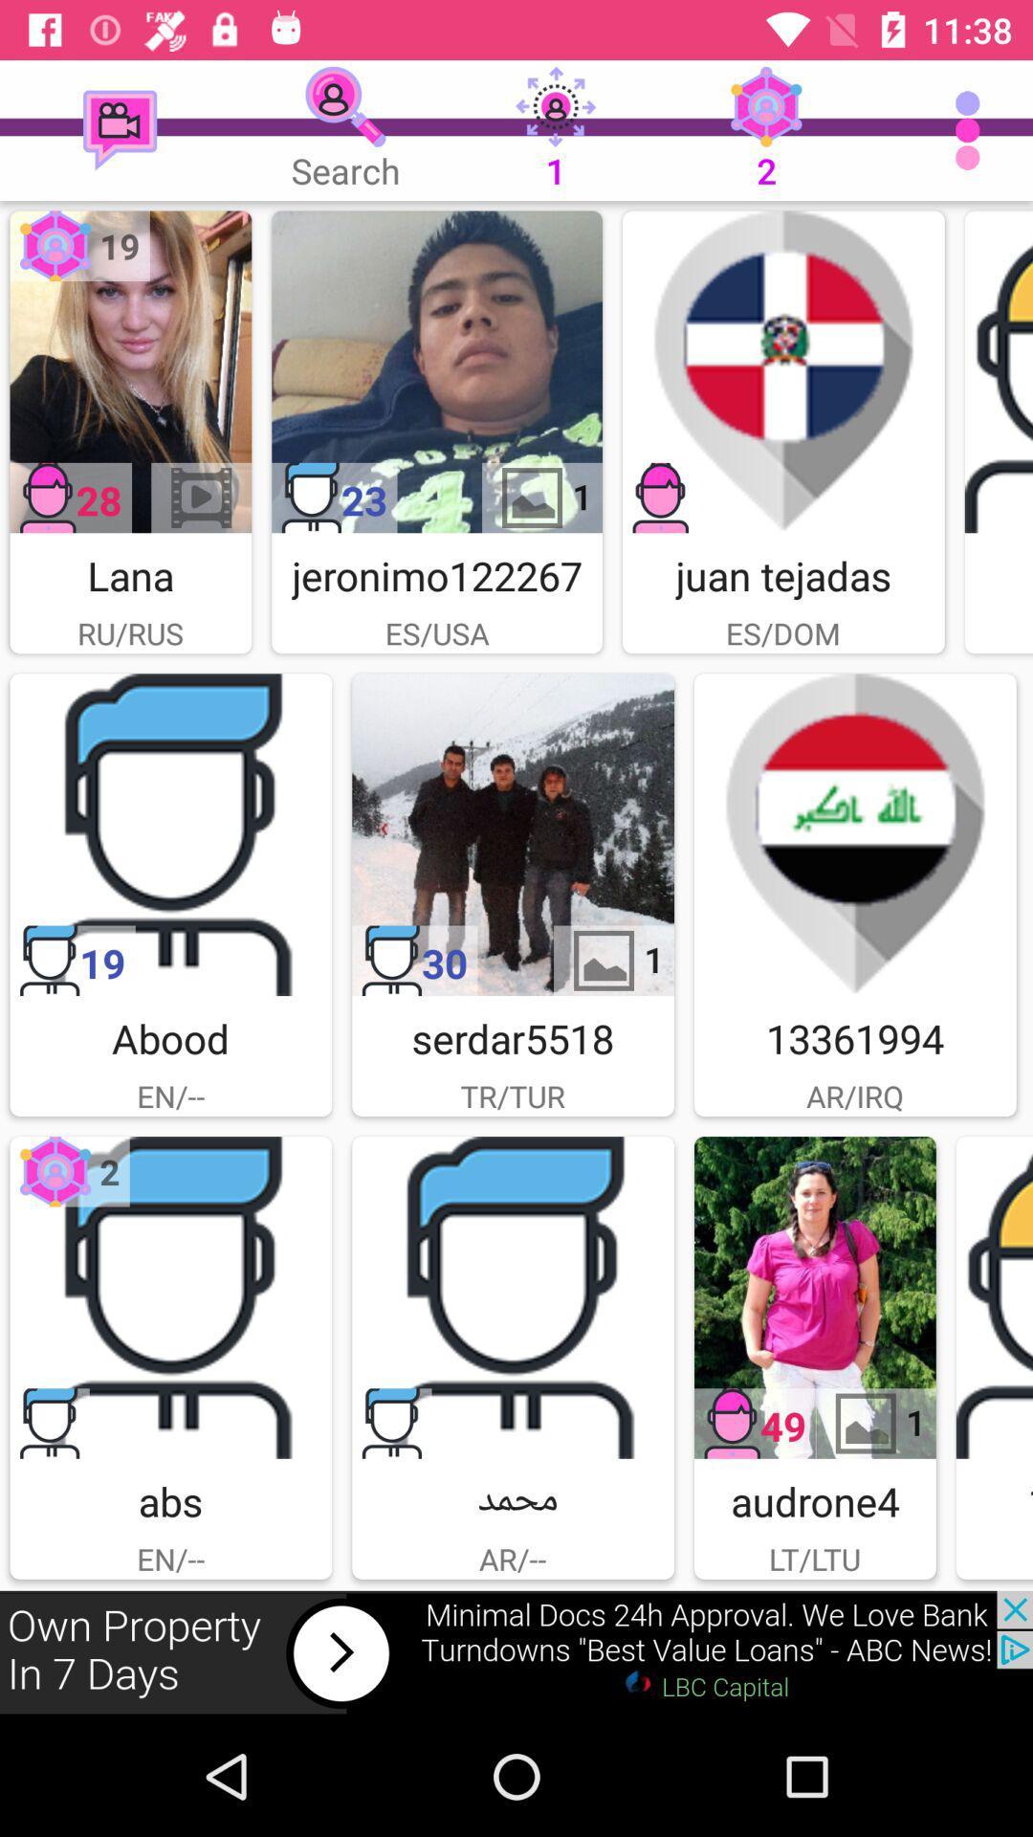 Image resolution: width=1033 pixels, height=1837 pixels. I want to click on connect to selected person, so click(129, 371).